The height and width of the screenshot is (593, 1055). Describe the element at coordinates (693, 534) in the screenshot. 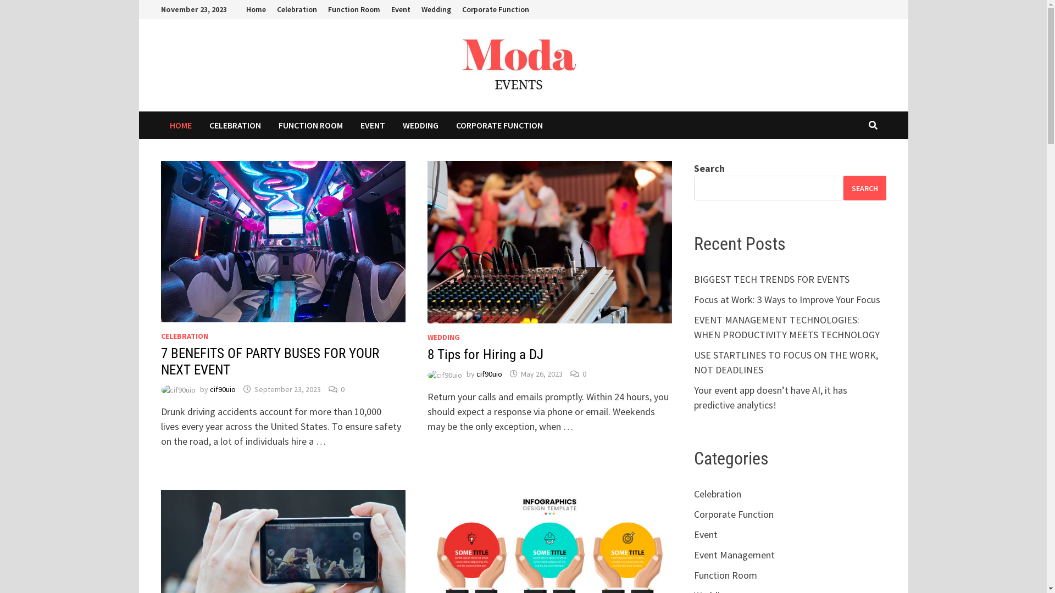

I see `'Event'` at that location.